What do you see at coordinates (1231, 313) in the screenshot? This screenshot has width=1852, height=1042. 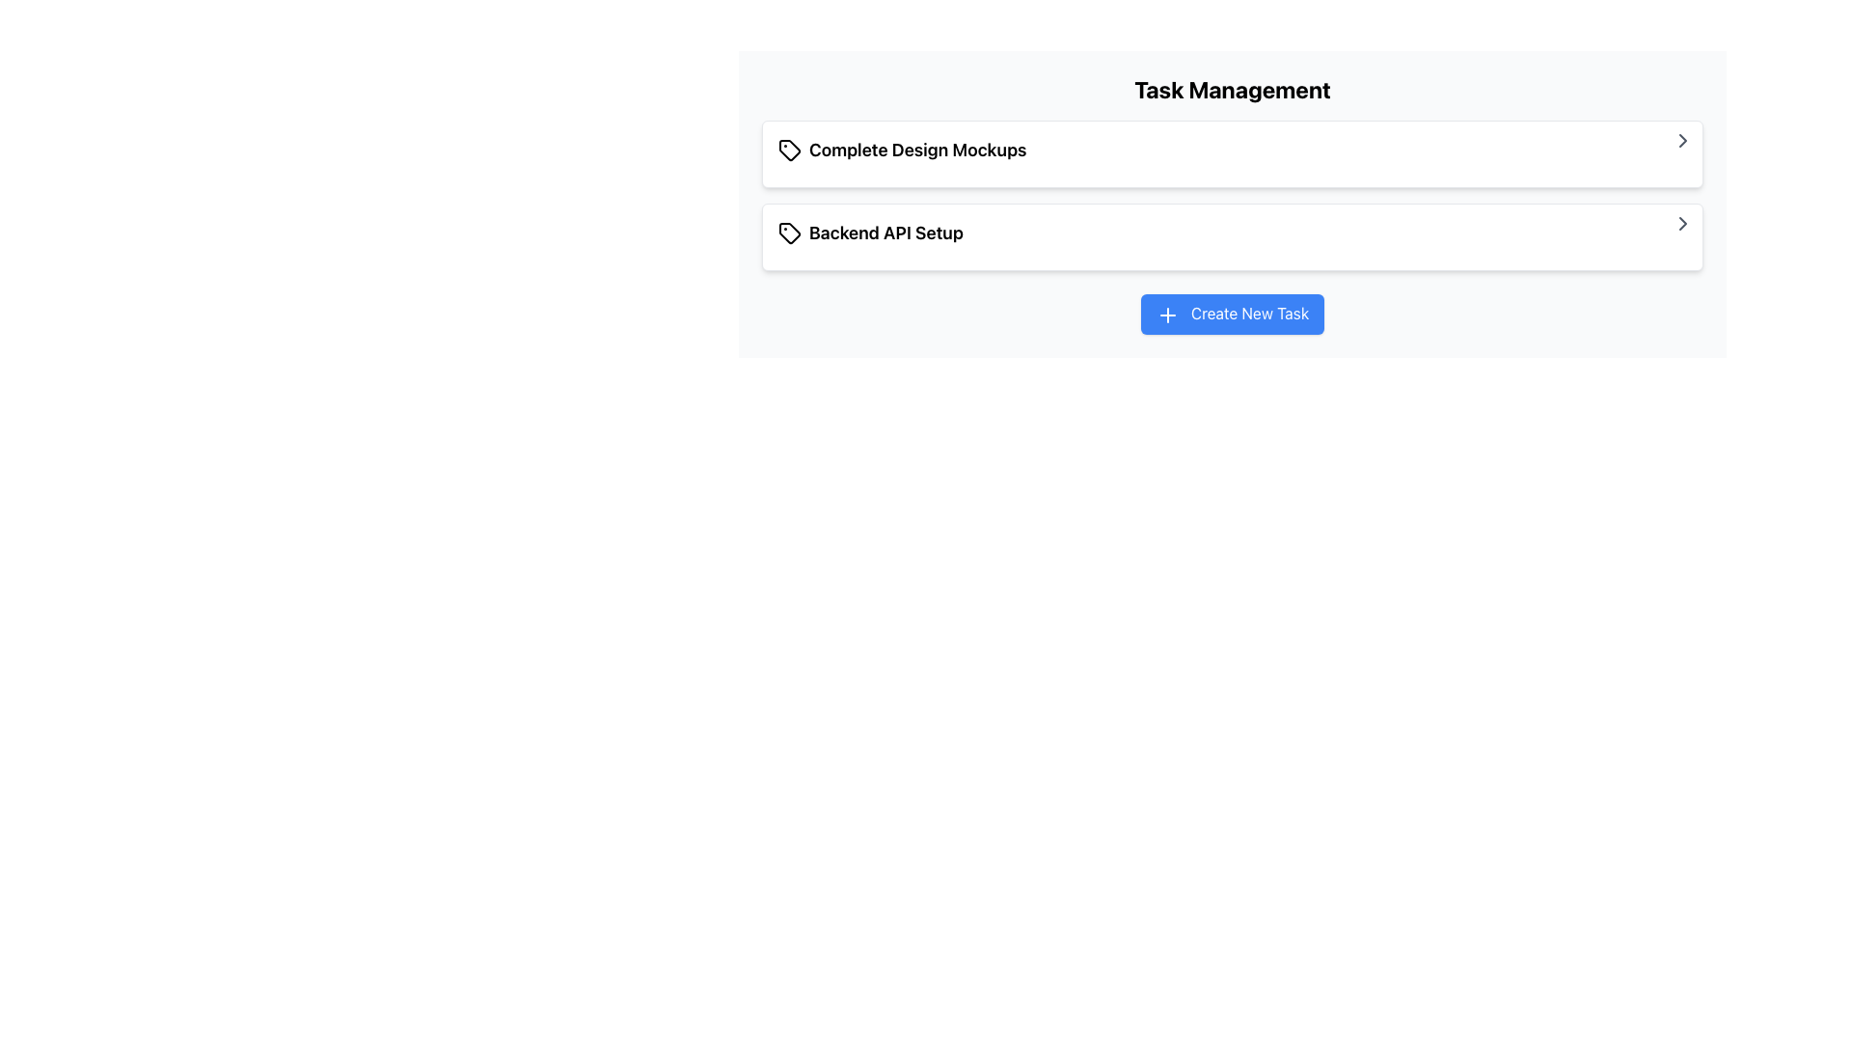 I see `the 'Create New Task' button, which is a rectangular button with a blue background and white bold text, located at the bottom center of the 'Task Management' section` at bounding box center [1231, 313].